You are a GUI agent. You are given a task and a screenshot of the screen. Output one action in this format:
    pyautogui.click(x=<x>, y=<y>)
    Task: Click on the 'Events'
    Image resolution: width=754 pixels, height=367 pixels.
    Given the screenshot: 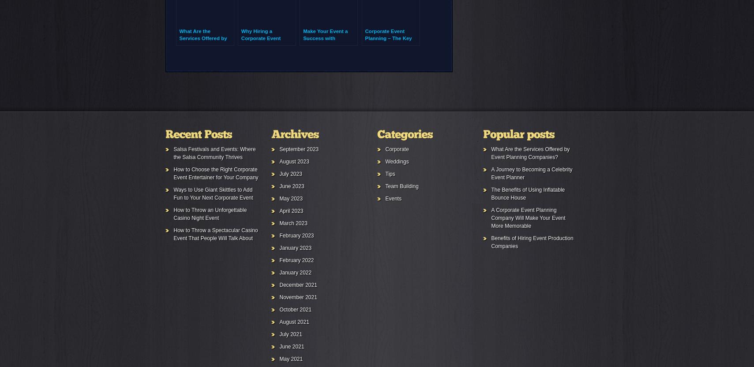 What is the action you would take?
    pyautogui.click(x=393, y=198)
    